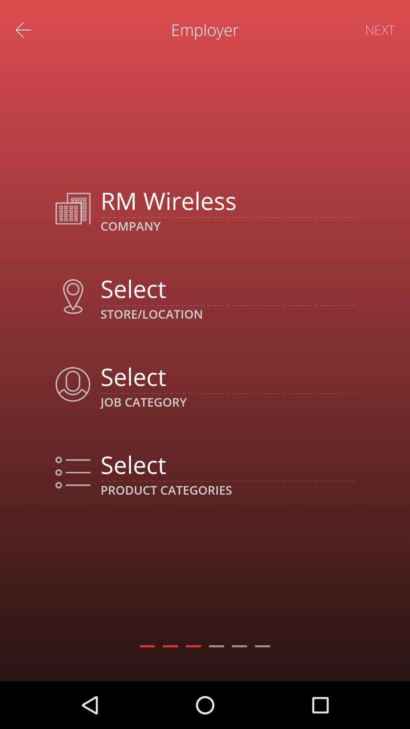 The image size is (410, 729). I want to click on job category, so click(227, 376).